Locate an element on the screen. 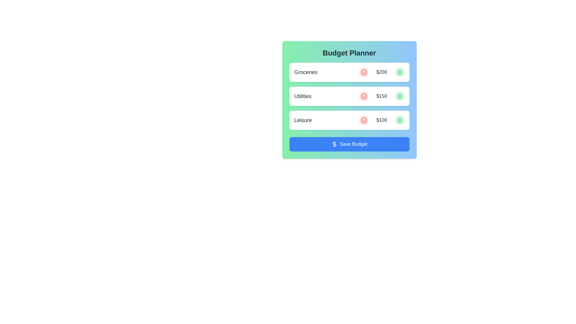  the plus button in the 'Leisure' budget category to increase its allocated amount is located at coordinates (349, 120).